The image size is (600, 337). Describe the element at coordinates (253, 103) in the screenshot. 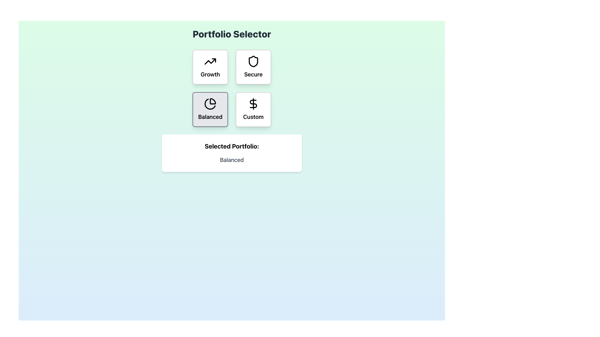

I see `the dollar symbol icon in the bottom-right button of a 2x2 grid, which signifies monetary or customizable options` at that location.